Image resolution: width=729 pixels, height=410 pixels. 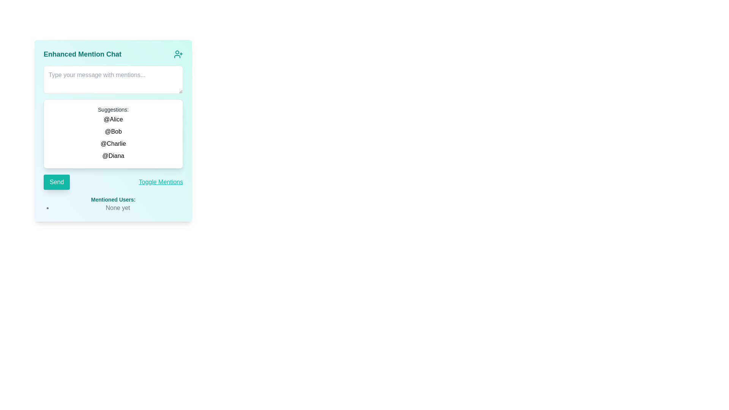 I want to click on the selectable mention option labeled '@Charlie', which is the third item in a vertical list of mentionable names, so click(x=113, y=143).